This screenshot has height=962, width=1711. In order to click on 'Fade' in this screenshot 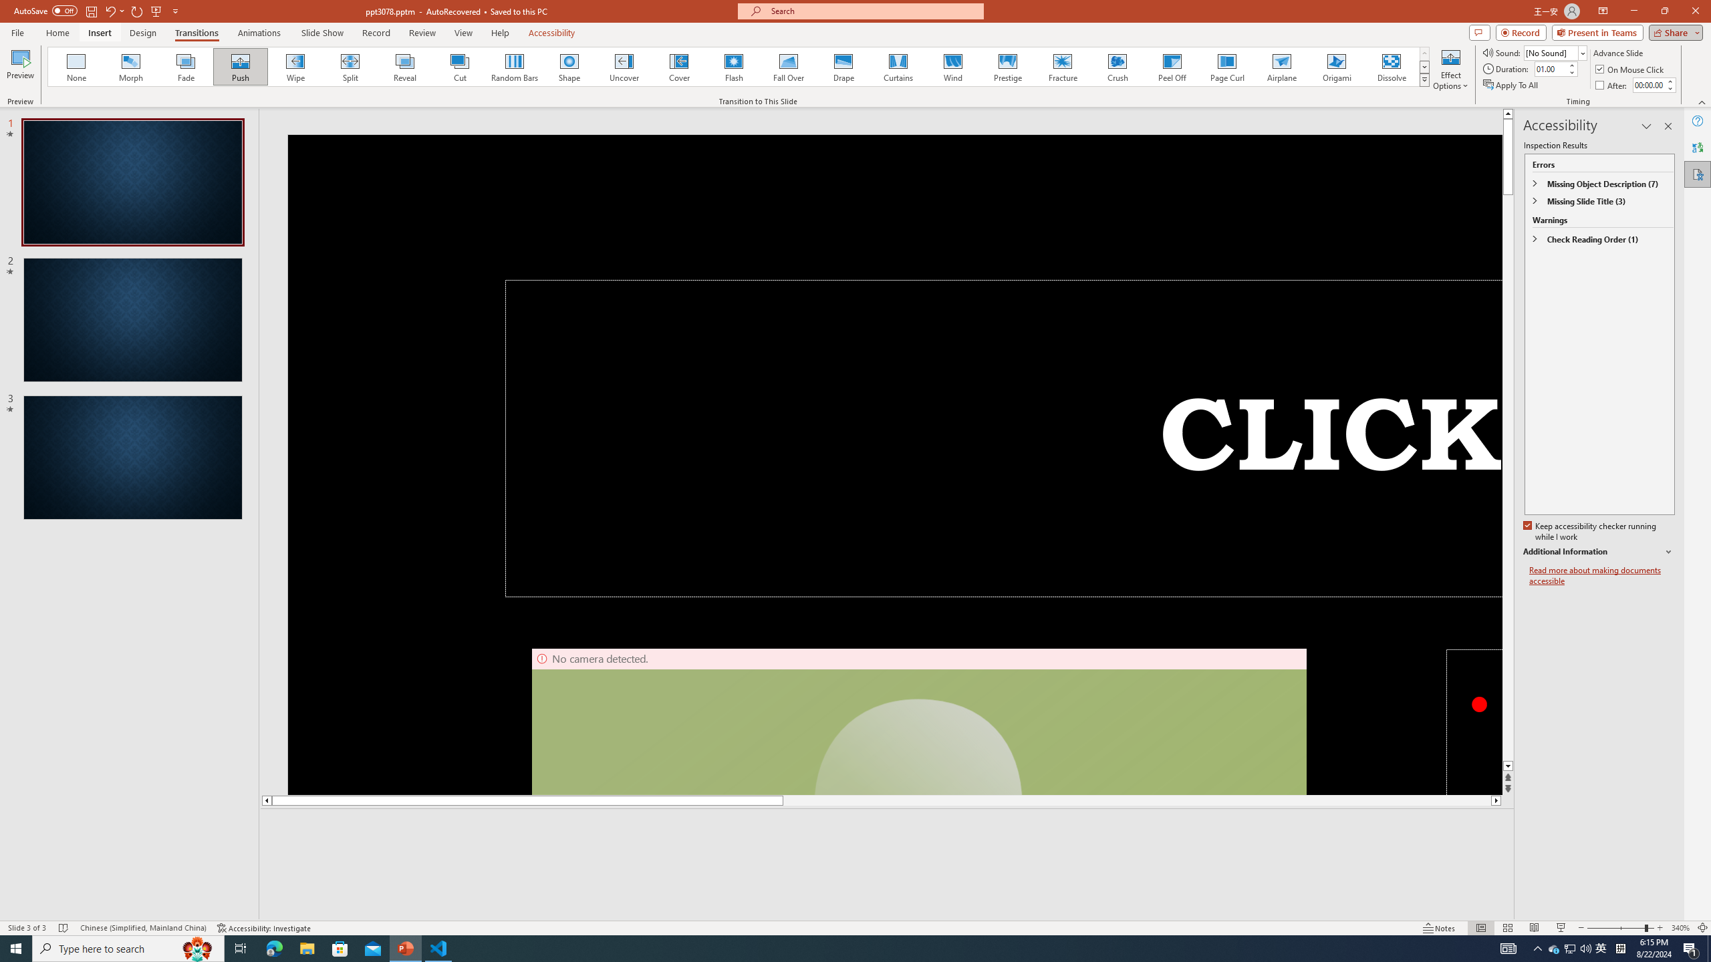, I will do `click(186, 66)`.